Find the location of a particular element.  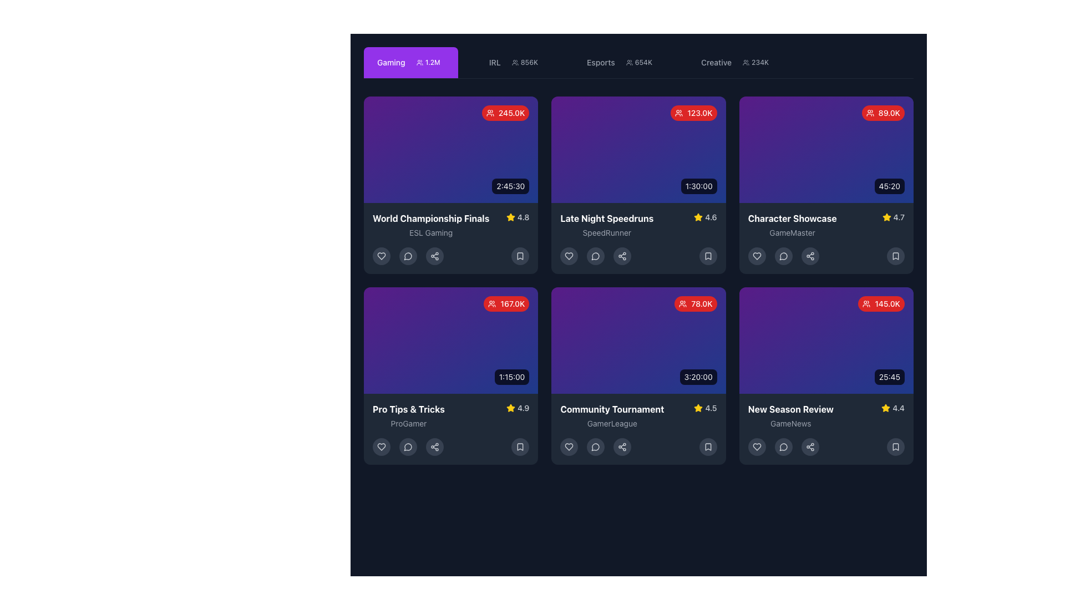

the fifth button from the left in the control bar below the 'Community Tournament' card is located at coordinates (707, 446).